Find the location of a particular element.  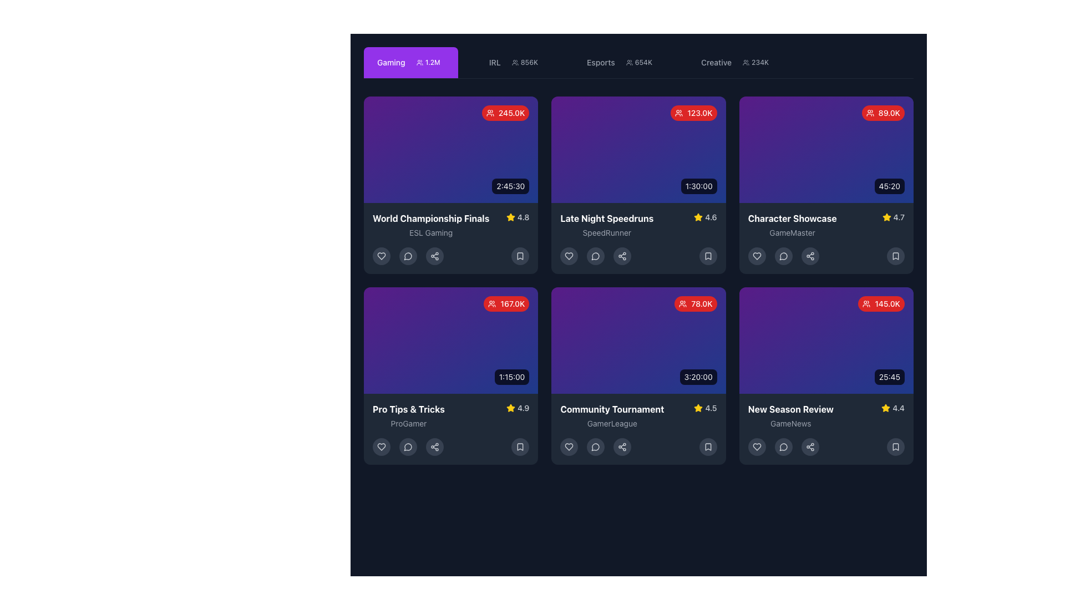

the fifth button from the left in the control bar below the 'Community Tournament' card is located at coordinates (707, 446).